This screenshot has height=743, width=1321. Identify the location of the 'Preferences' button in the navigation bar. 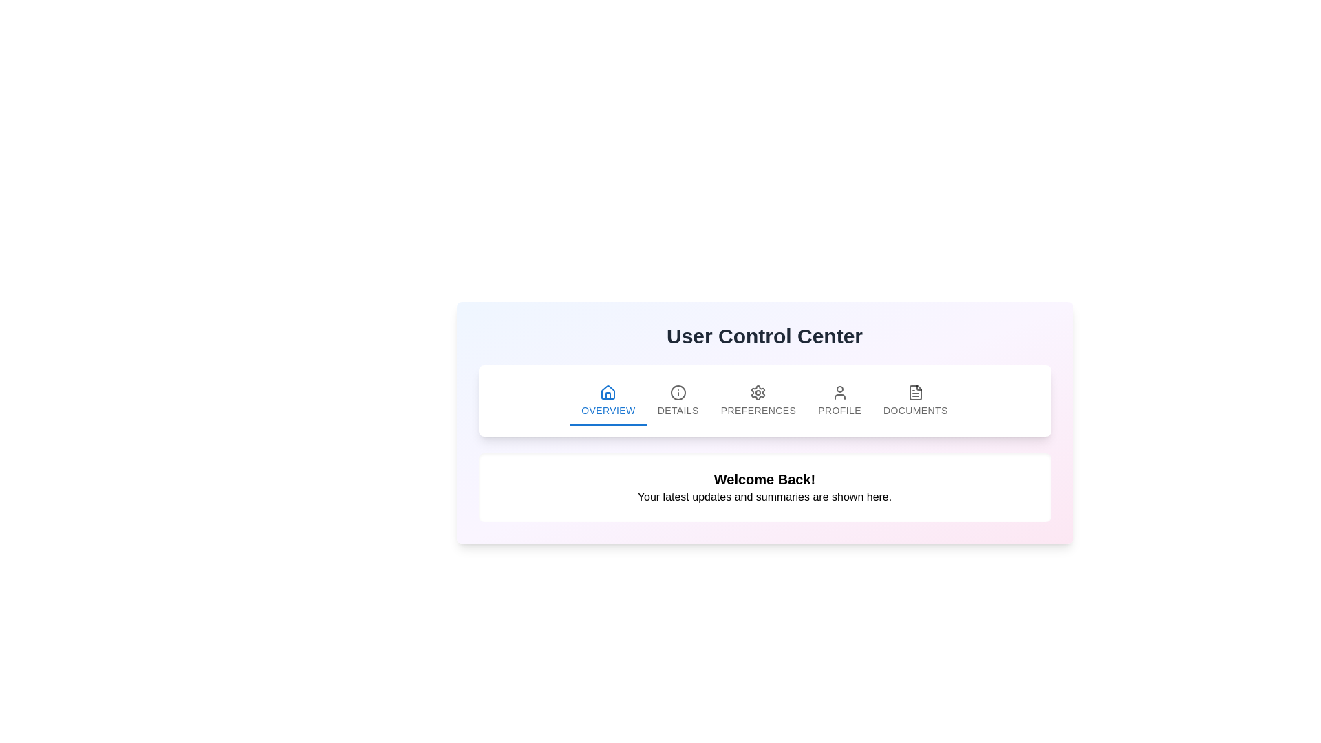
(758, 400).